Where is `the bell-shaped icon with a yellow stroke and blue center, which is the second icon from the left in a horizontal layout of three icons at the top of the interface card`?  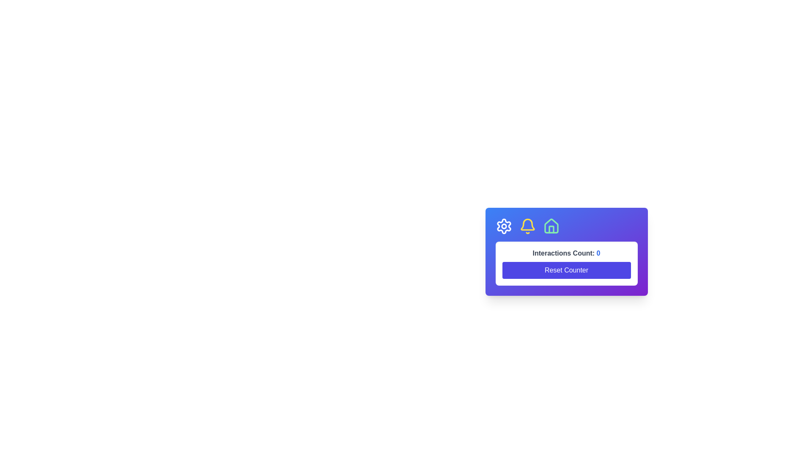
the bell-shaped icon with a yellow stroke and blue center, which is the second icon from the left in a horizontal layout of three icons at the top of the interface card is located at coordinates (527, 224).